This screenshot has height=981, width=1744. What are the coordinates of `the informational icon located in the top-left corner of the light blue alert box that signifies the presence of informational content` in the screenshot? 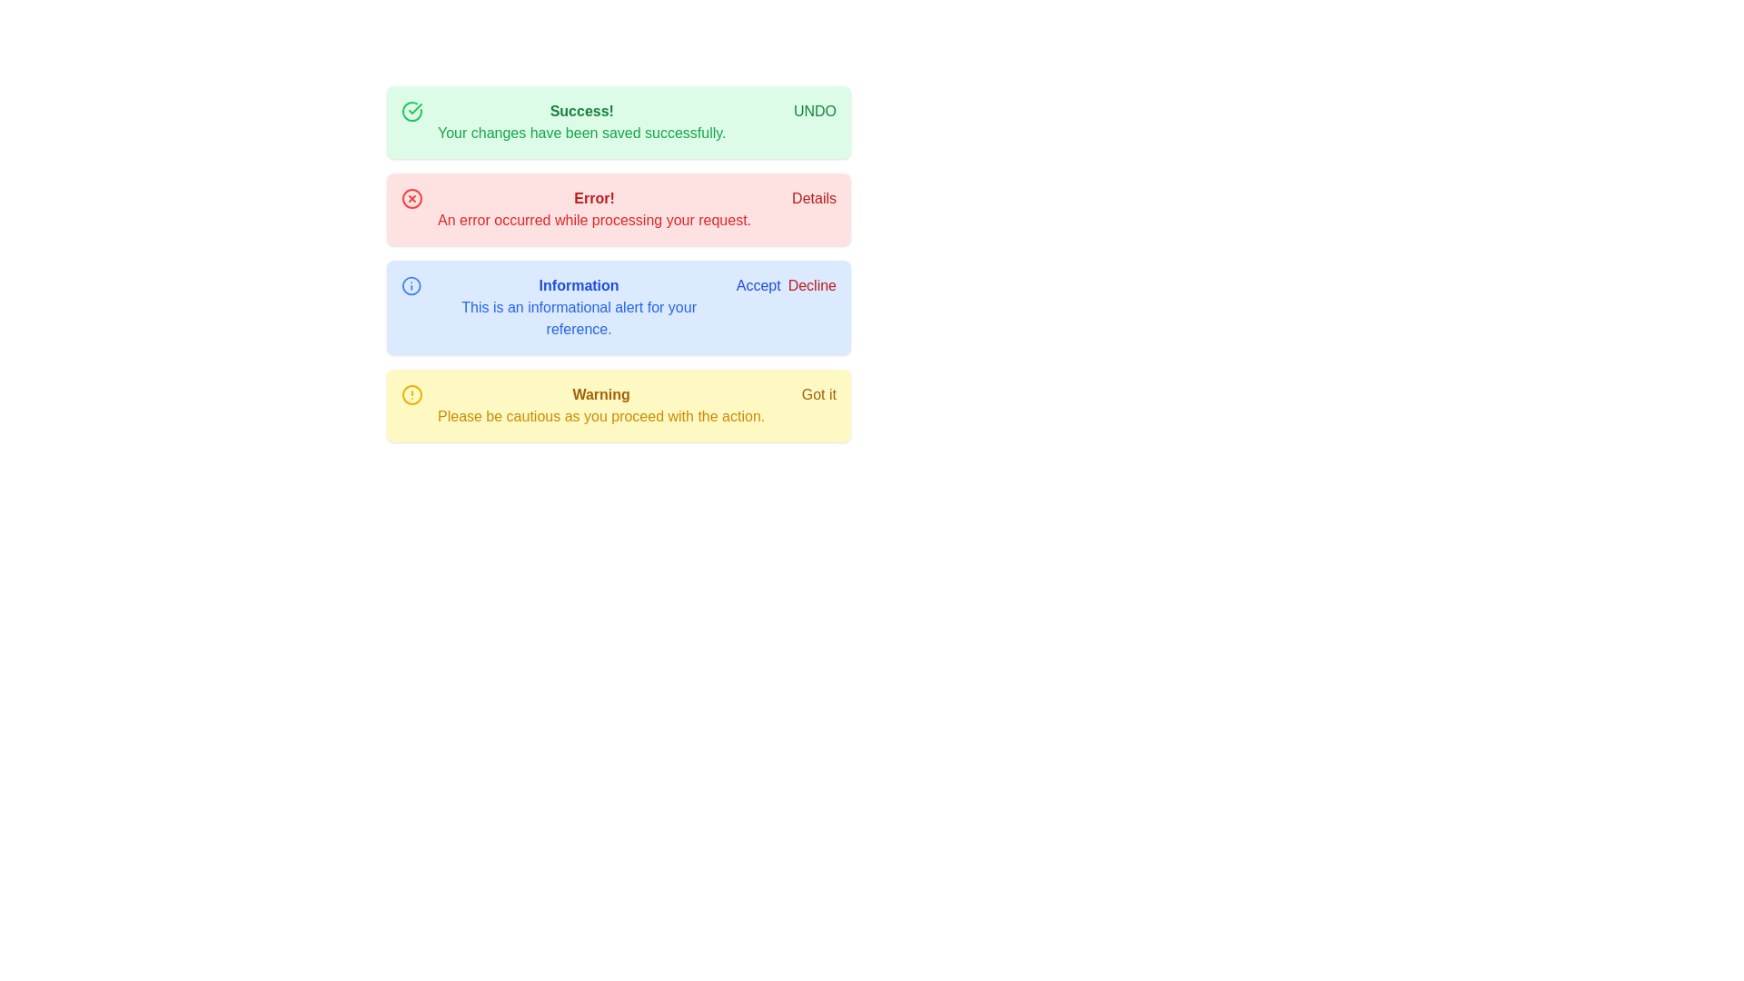 It's located at (411, 286).